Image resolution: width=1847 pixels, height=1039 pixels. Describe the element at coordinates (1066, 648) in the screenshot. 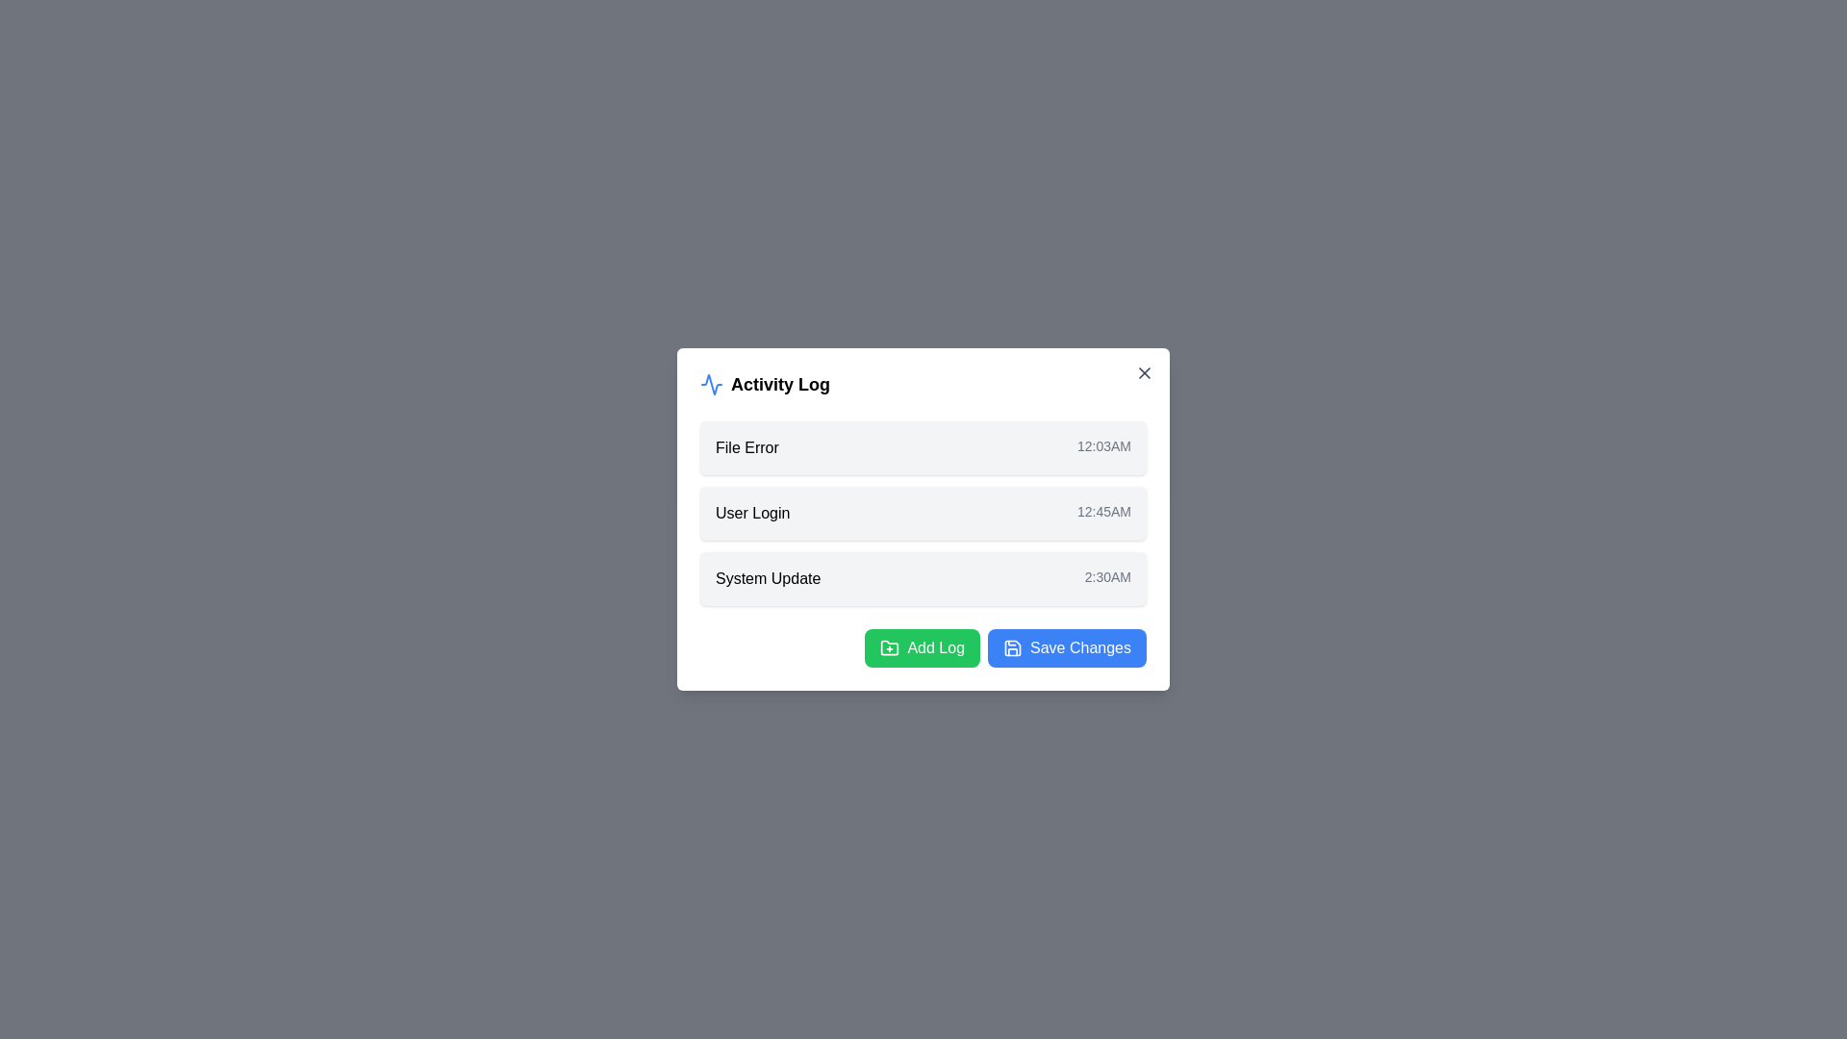

I see `'Save Changes' button` at that location.